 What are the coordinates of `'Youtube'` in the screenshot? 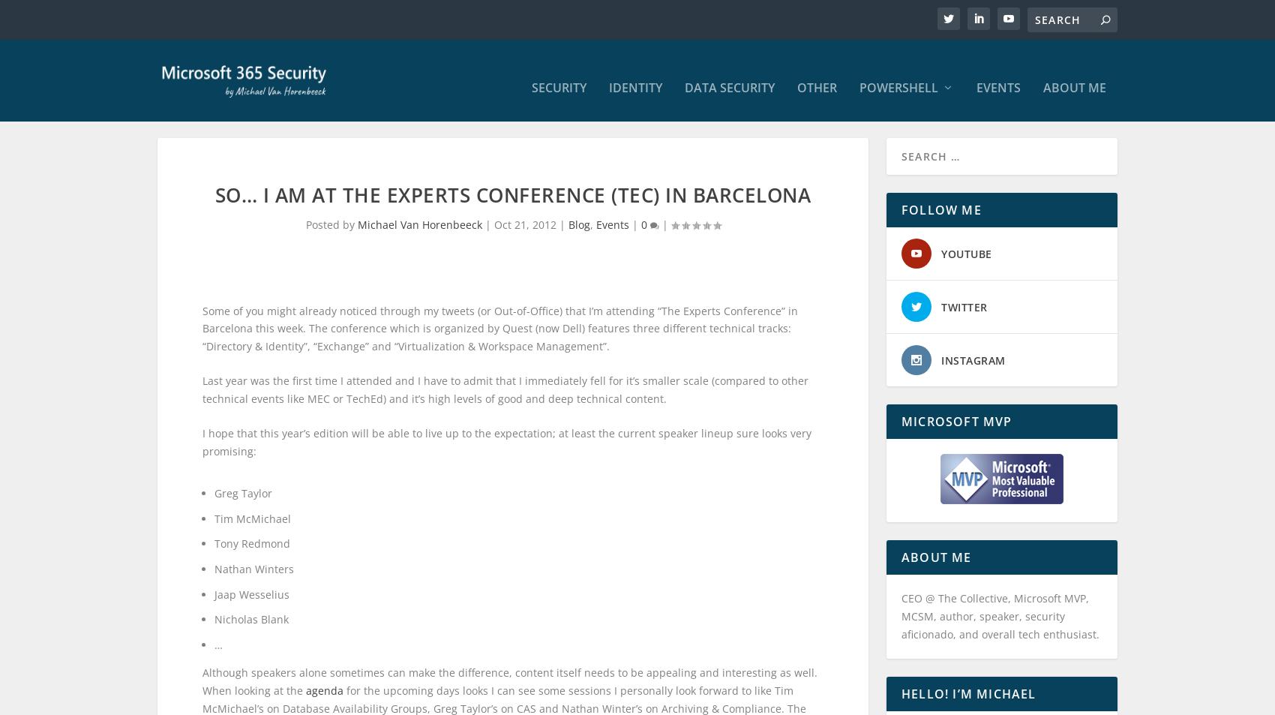 It's located at (966, 267).